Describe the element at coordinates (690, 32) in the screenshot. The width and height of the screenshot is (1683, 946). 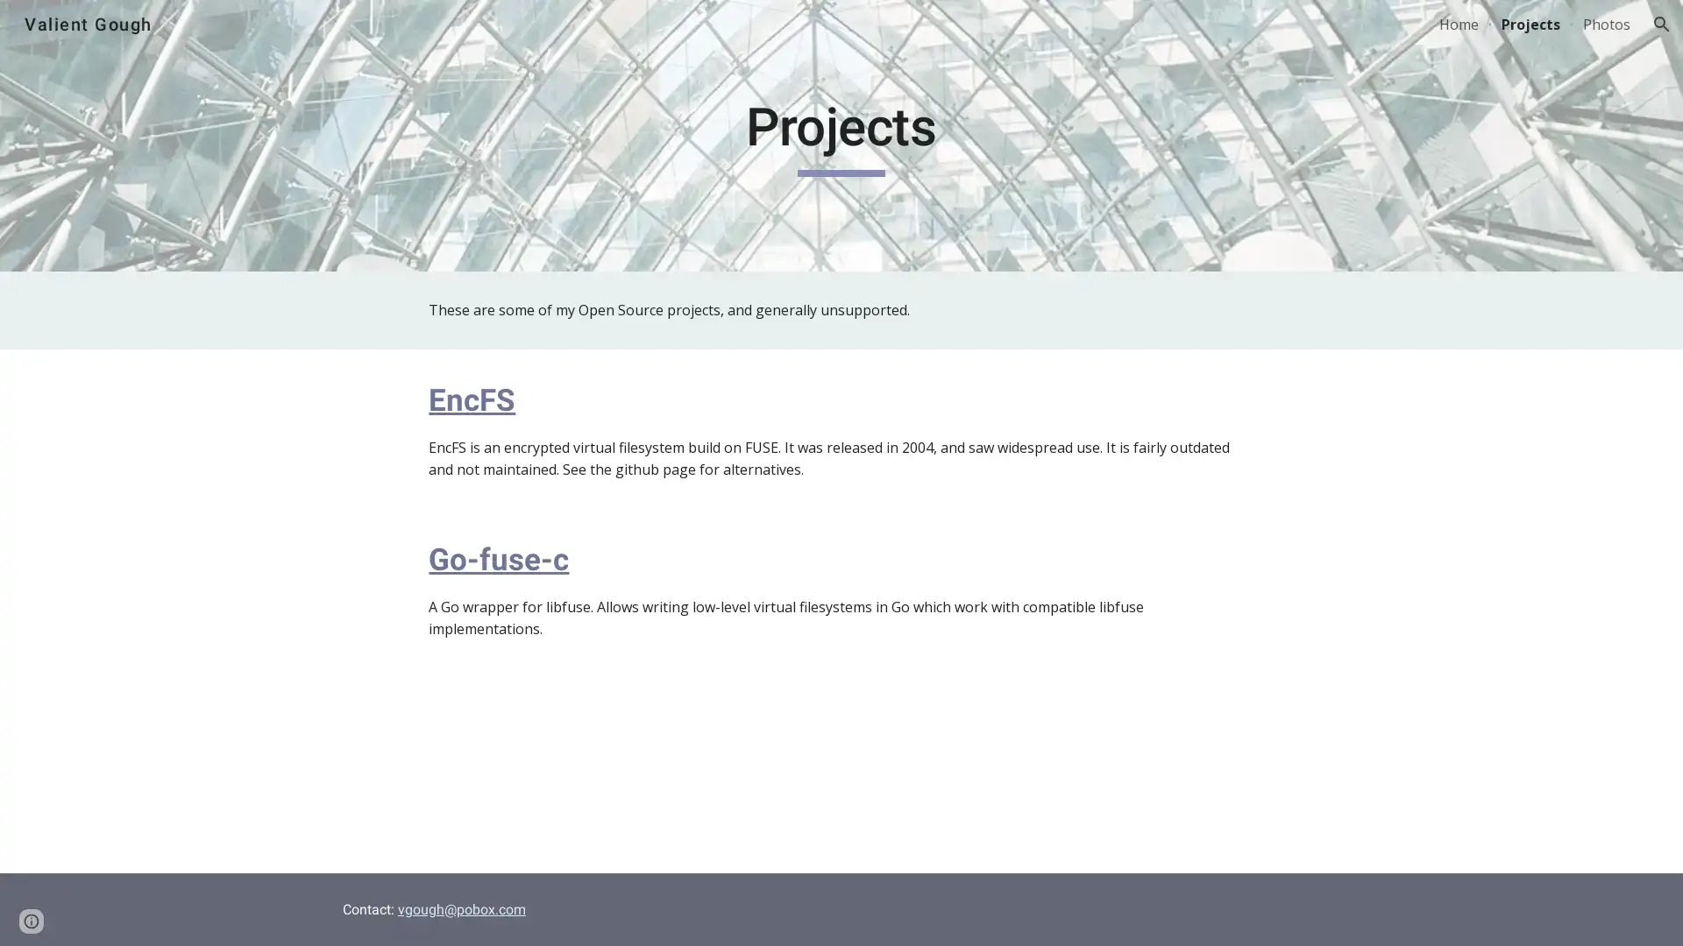
I see `Skip to main content` at that location.